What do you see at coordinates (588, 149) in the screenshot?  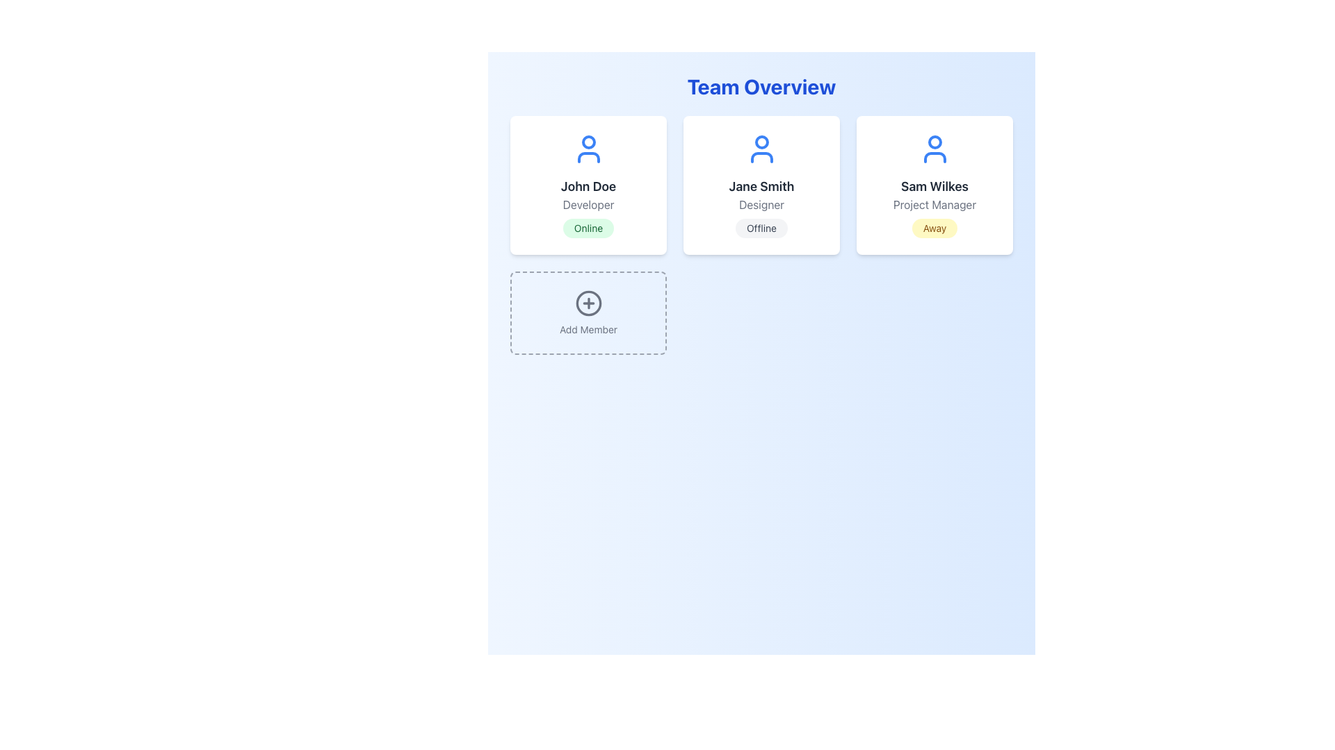 I see `the blue-colored vector icon representing a user, which is positioned at the top center of the user information card section` at bounding box center [588, 149].